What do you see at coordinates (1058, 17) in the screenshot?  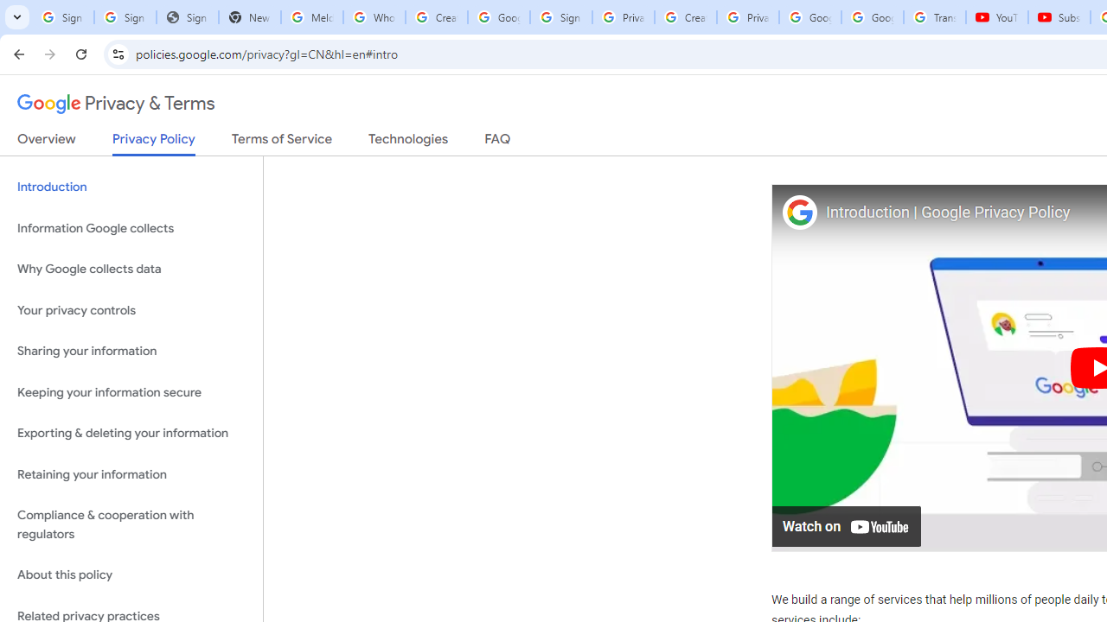 I see `'Subscriptions - YouTube'` at bounding box center [1058, 17].